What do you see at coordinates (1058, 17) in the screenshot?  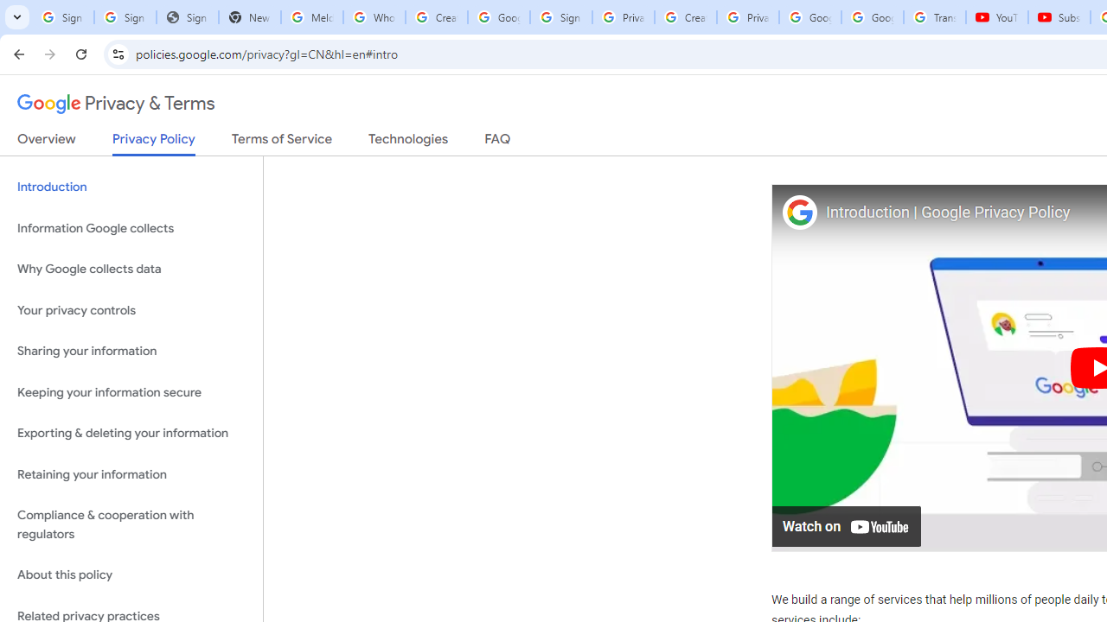 I see `'Subscriptions - YouTube'` at bounding box center [1058, 17].